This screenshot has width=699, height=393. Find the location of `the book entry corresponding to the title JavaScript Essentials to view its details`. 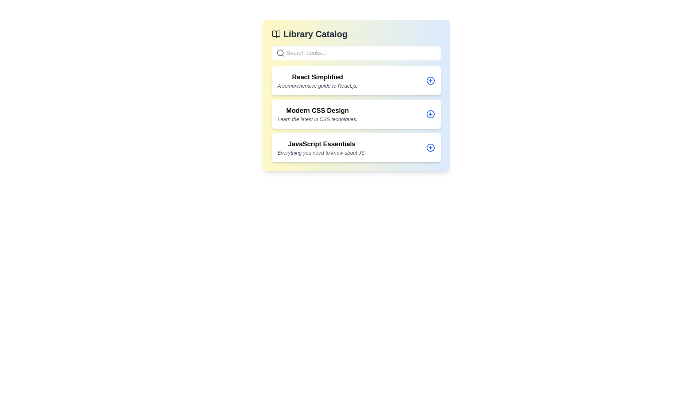

the book entry corresponding to the title JavaScript Essentials to view its details is located at coordinates (356, 147).